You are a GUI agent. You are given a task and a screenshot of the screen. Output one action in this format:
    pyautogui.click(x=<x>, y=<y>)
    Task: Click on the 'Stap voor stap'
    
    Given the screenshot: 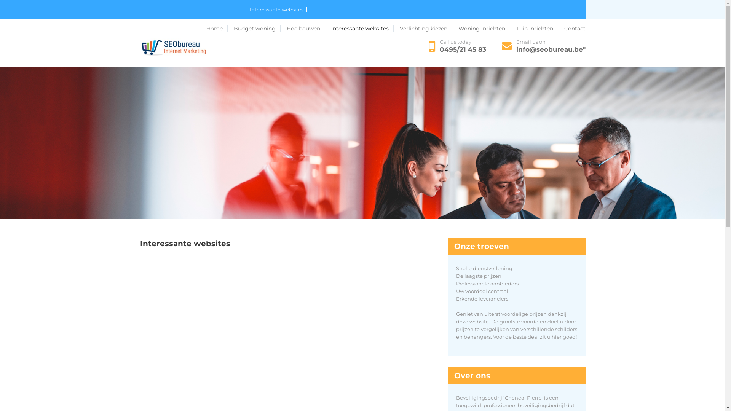 What is the action you would take?
    pyautogui.click(x=379, y=28)
    